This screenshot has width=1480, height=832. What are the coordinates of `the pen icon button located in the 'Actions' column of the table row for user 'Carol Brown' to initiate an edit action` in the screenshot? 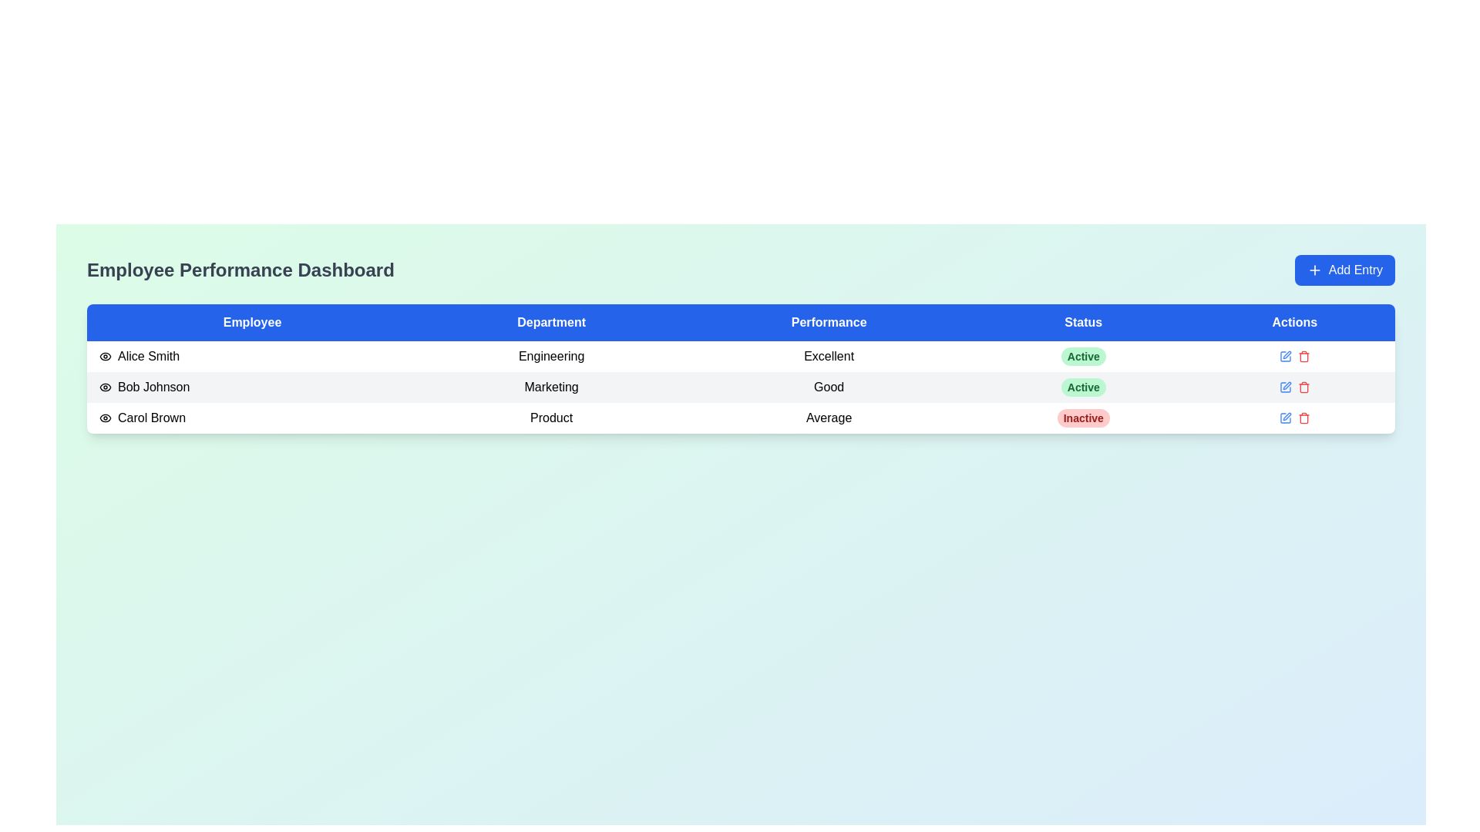 It's located at (1287, 355).